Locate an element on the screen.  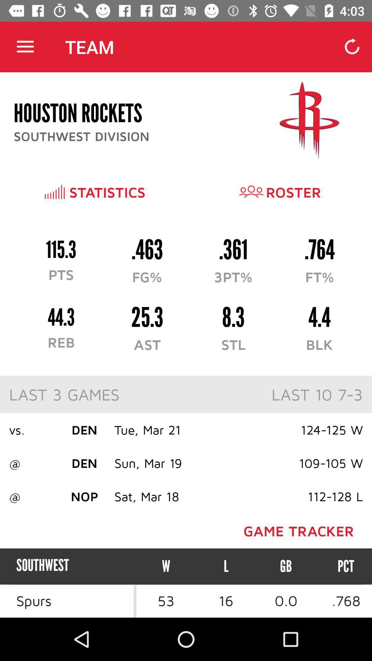
icon next to the pct item is located at coordinates (286, 566).